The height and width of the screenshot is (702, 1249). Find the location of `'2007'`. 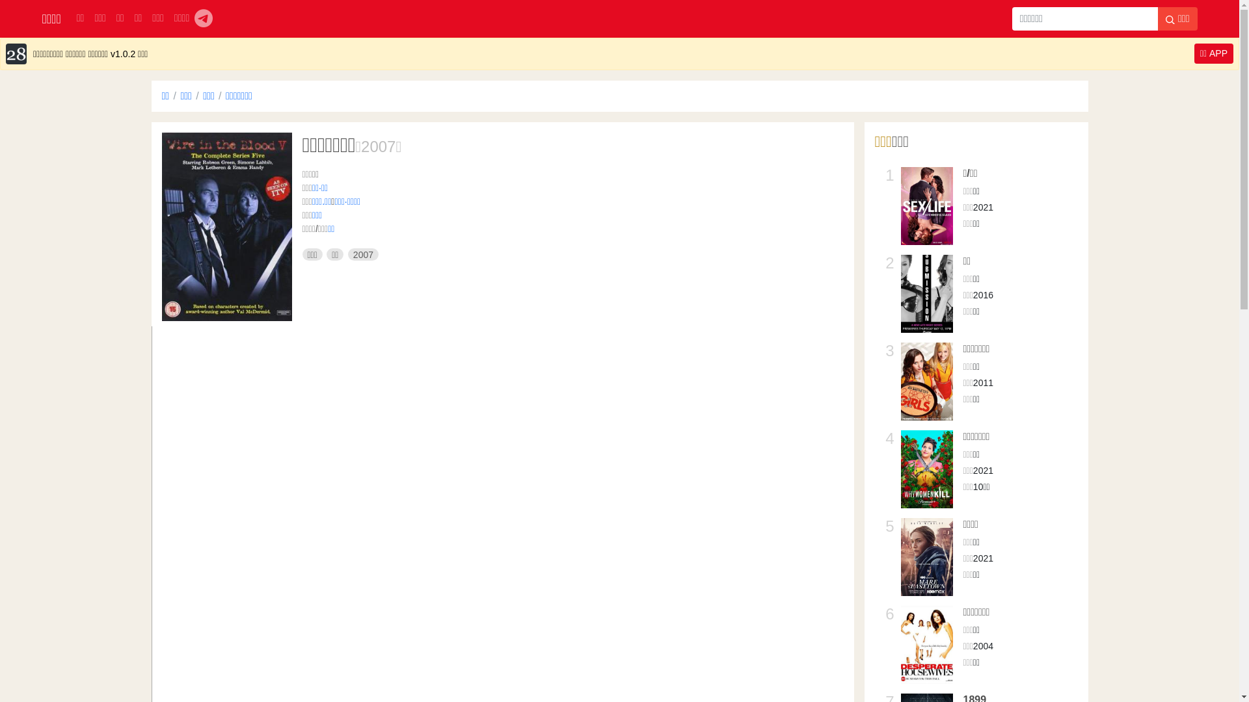

'2007' is located at coordinates (377, 146).